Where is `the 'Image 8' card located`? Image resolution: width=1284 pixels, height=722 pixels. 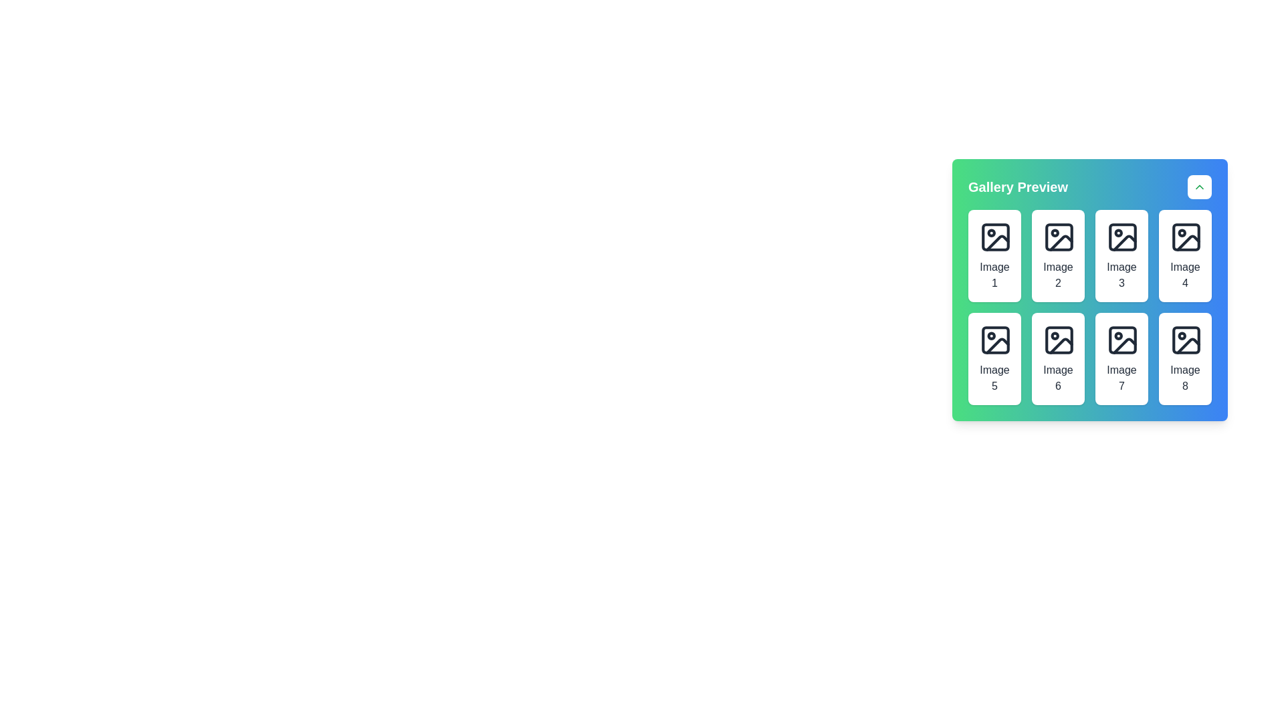 the 'Image 8' card located is located at coordinates (1185, 358).